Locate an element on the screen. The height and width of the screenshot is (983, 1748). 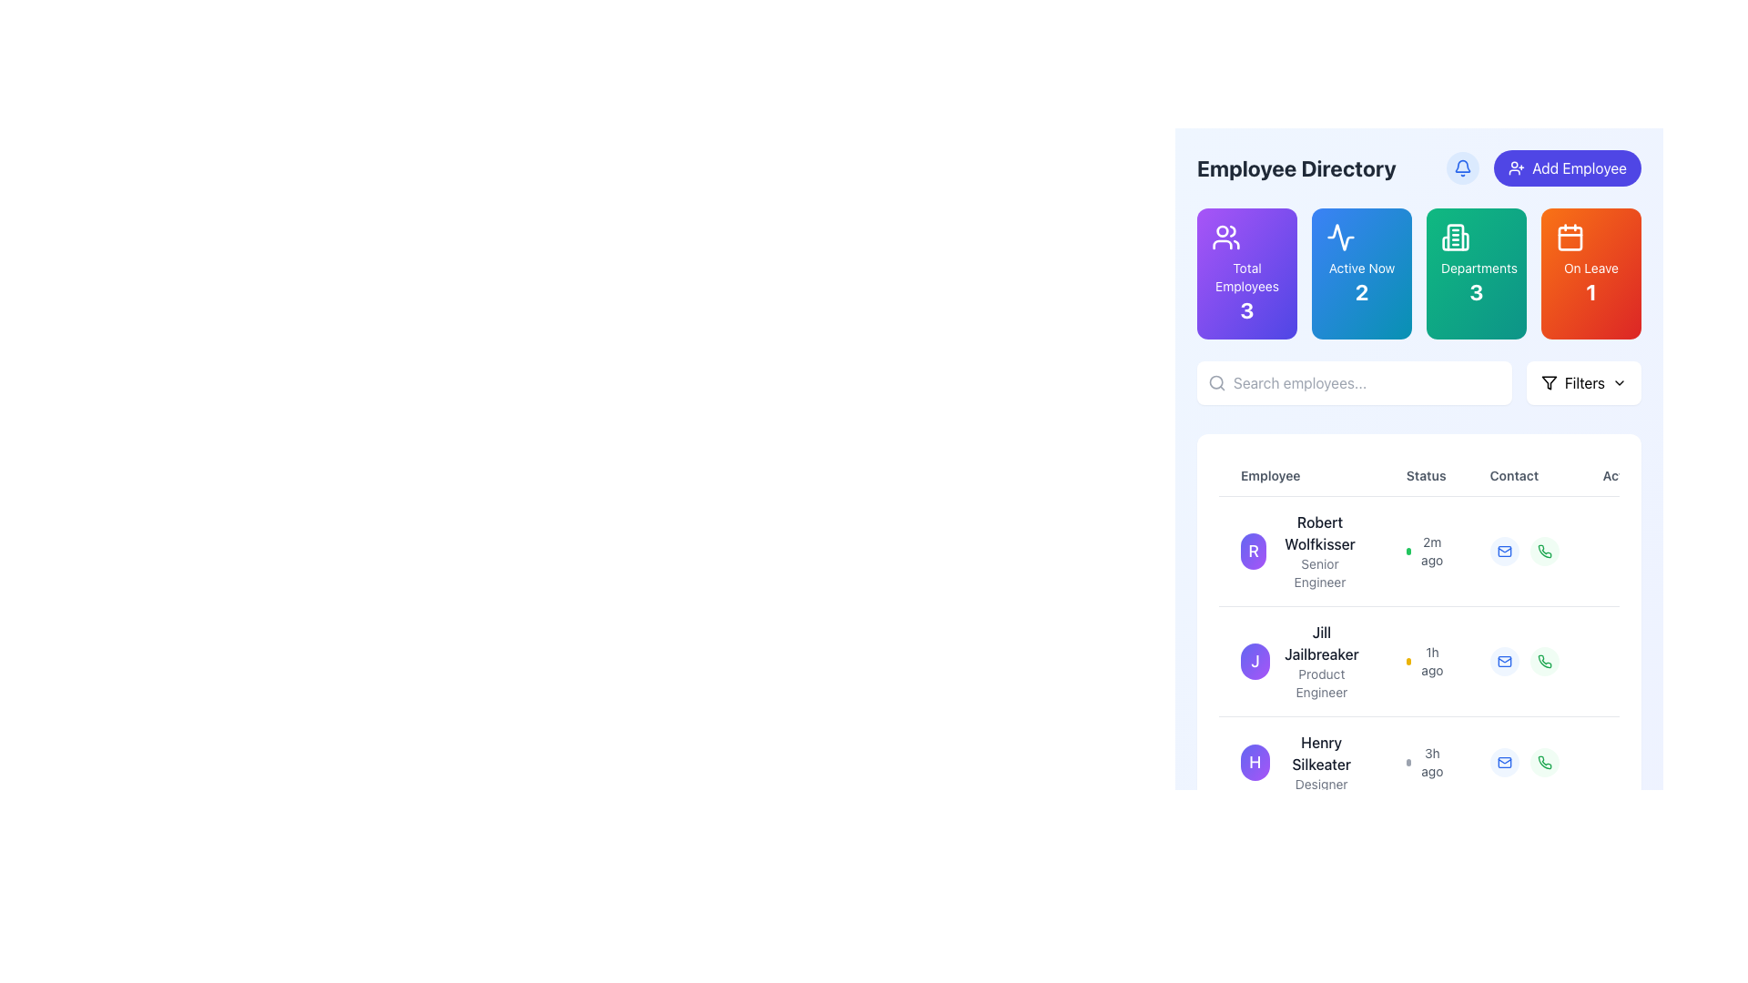
the text label displaying 'Henry Silkeater' and 'Designer', which is located to the right of the circular profile icon marked with an 'H' is located at coordinates (1321, 762).